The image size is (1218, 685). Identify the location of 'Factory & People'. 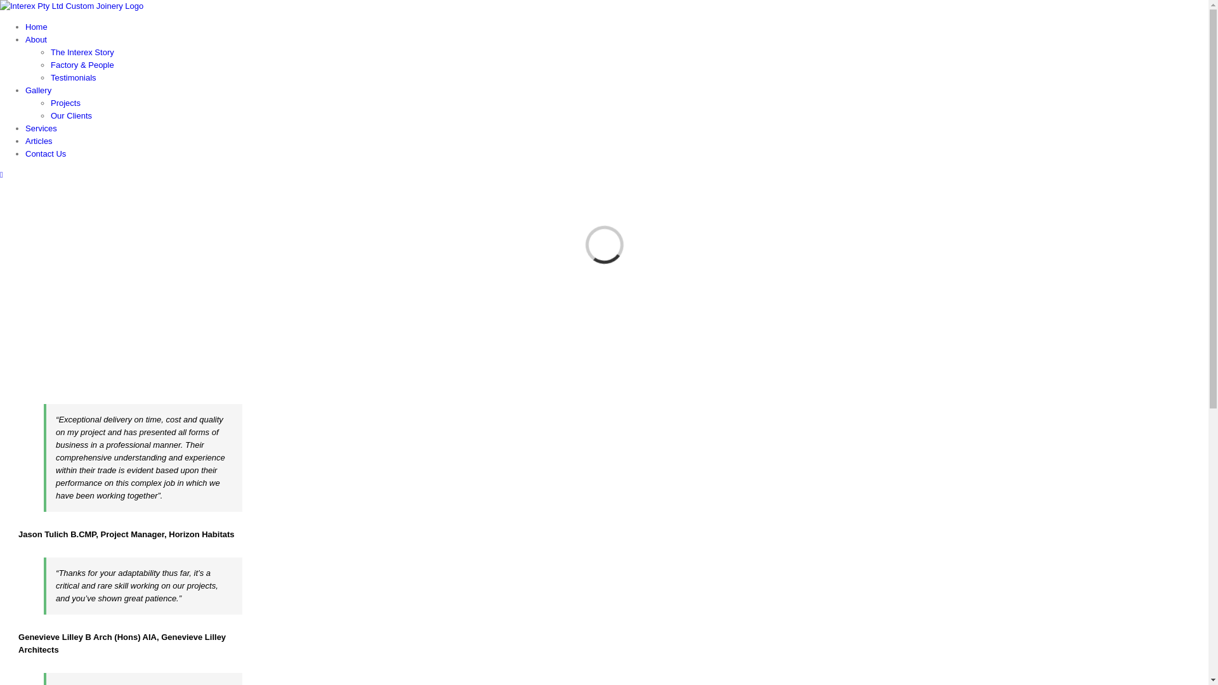
(51, 65).